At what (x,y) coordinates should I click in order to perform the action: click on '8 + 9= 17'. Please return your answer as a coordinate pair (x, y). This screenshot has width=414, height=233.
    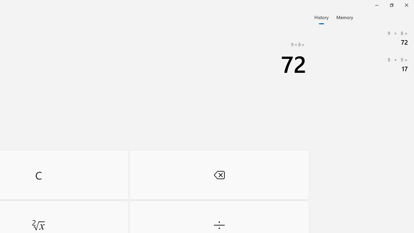
    Looking at the image, I should click on (362, 65).